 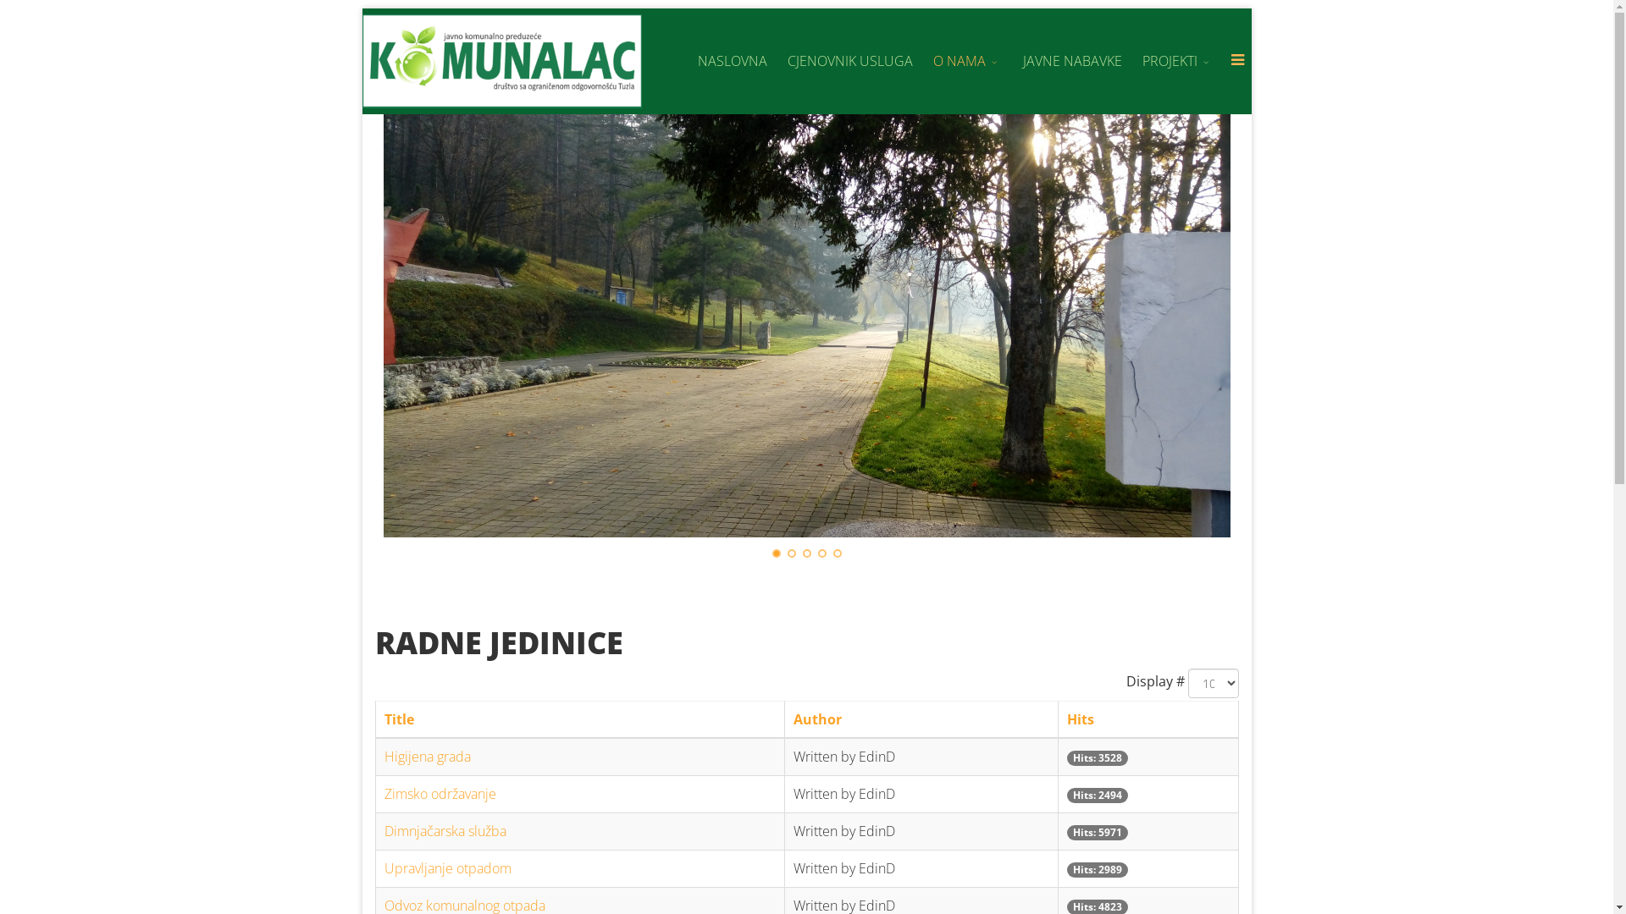 I want to click on 'CJENOVNIK USLUGA', so click(x=849, y=60).